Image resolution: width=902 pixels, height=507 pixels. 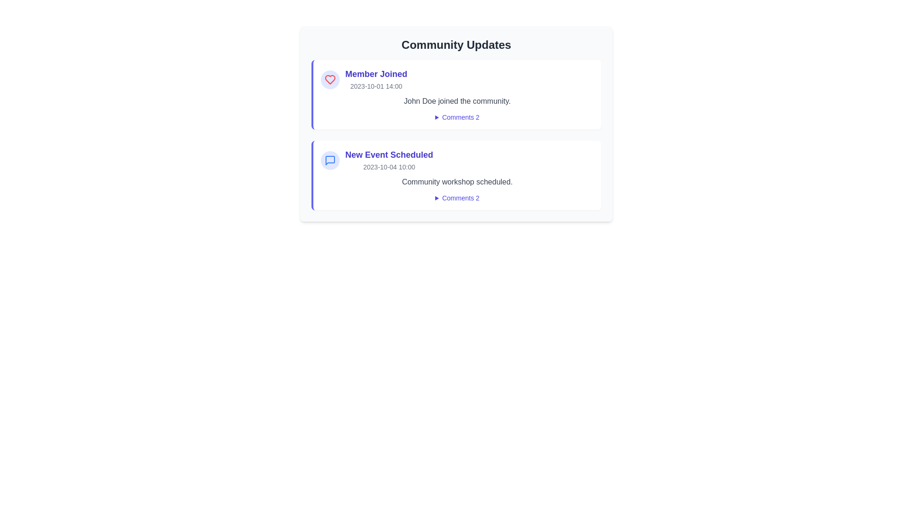 I want to click on the circular icon with a light indigo background and a red outlined heart shape in the 'Community Updates' section, labeled 'Member Joined.', so click(x=330, y=79).